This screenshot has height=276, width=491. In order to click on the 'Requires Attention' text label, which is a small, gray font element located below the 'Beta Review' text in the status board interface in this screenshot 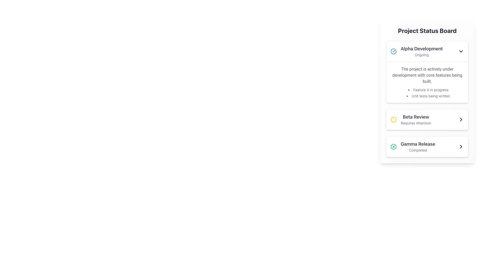, I will do `click(416, 123)`.